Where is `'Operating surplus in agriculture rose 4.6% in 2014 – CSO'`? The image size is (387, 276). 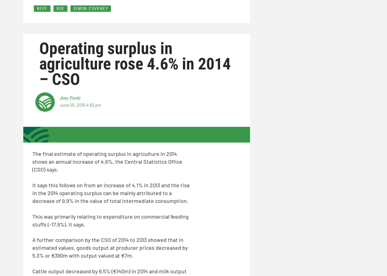 'Operating surplus in agriculture rose 4.6% in 2014 – CSO' is located at coordinates (135, 64).